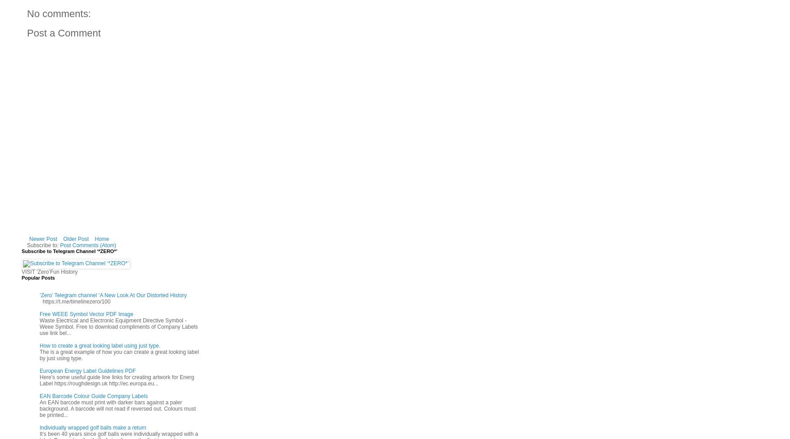 The height and width of the screenshot is (439, 790). Describe the element at coordinates (86, 313) in the screenshot. I see `'Free WEEE Symbol Vector PDF Image'` at that location.